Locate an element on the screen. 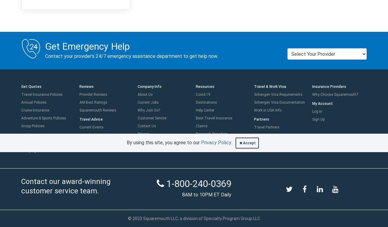  'About Us' is located at coordinates (137, 94).